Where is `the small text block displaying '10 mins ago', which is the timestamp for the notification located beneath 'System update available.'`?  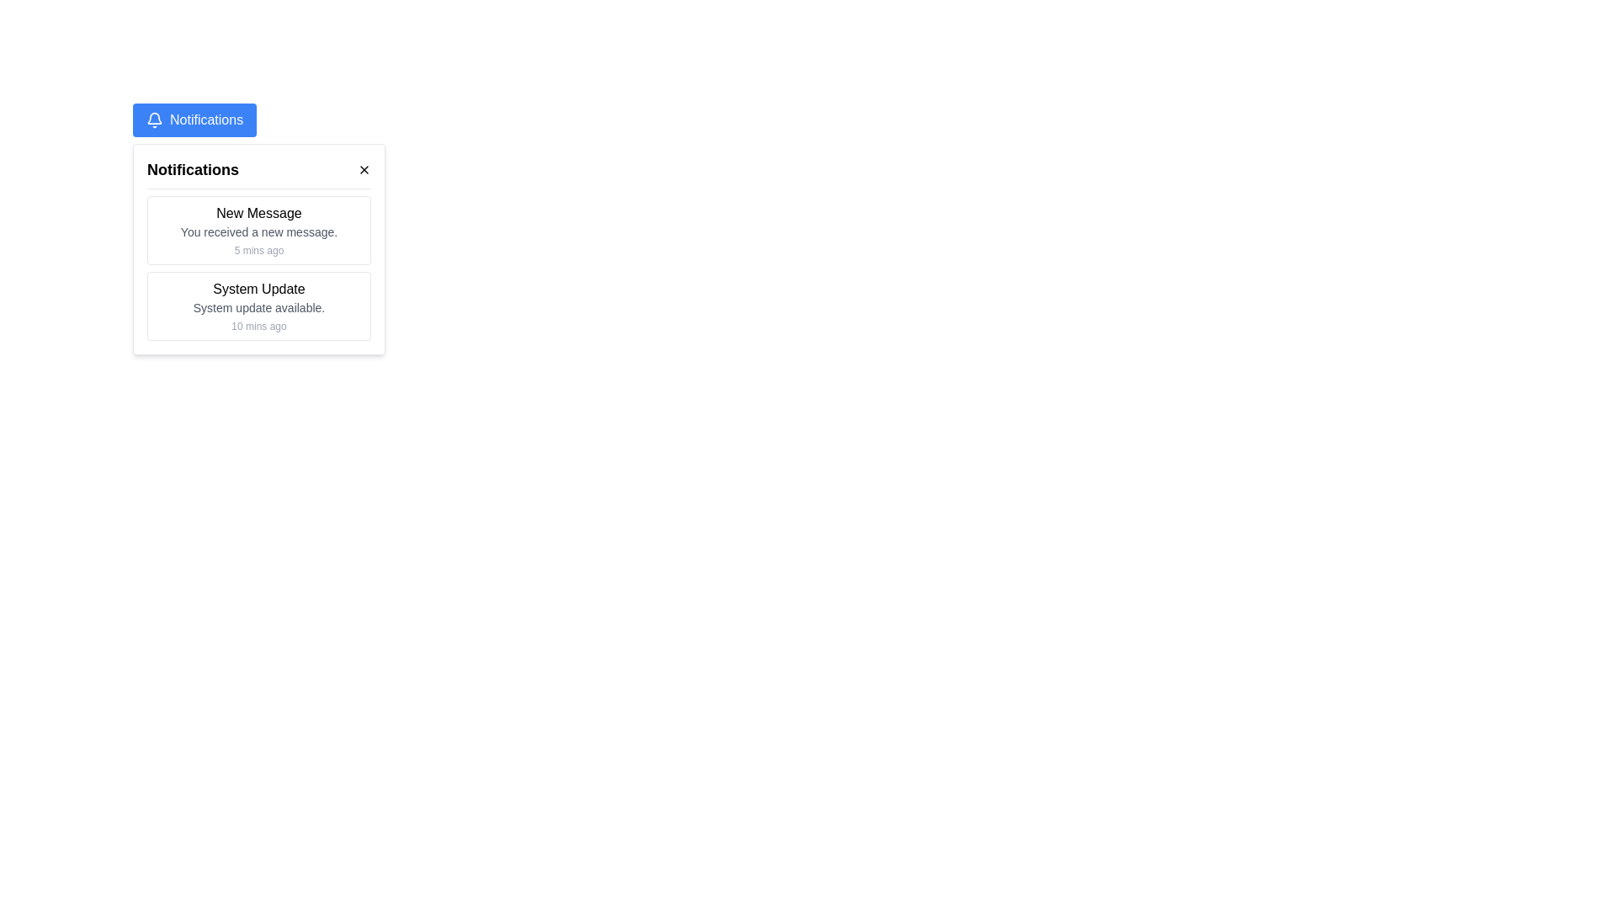
the small text block displaying '10 mins ago', which is the timestamp for the notification located beneath 'System update available.' is located at coordinates (258, 327).